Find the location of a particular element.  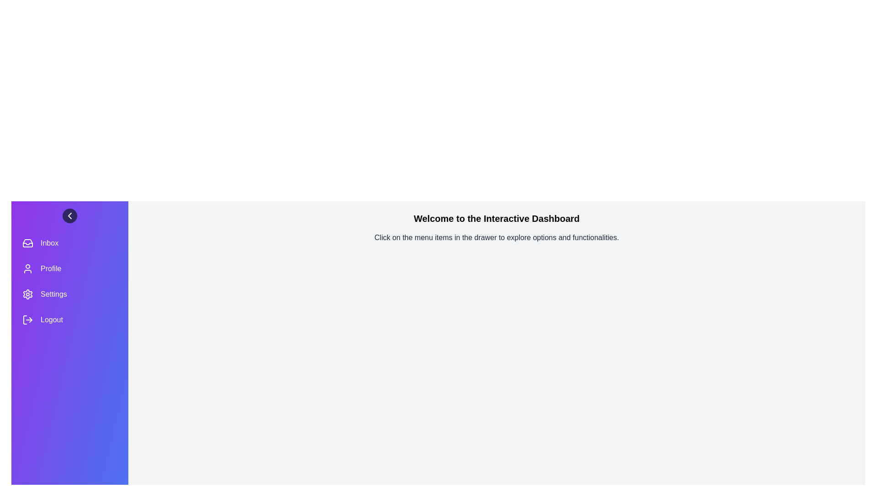

the menu item labeled Settings to trigger its associated action is located at coordinates (69, 294).